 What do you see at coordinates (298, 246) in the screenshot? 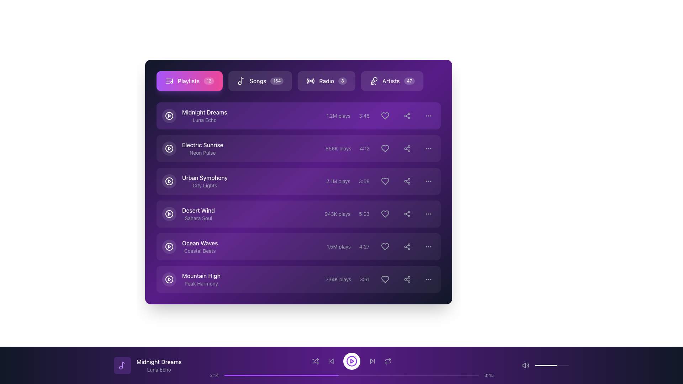
I see `the list item representing the music track 'Ocean Waves'` at bounding box center [298, 246].